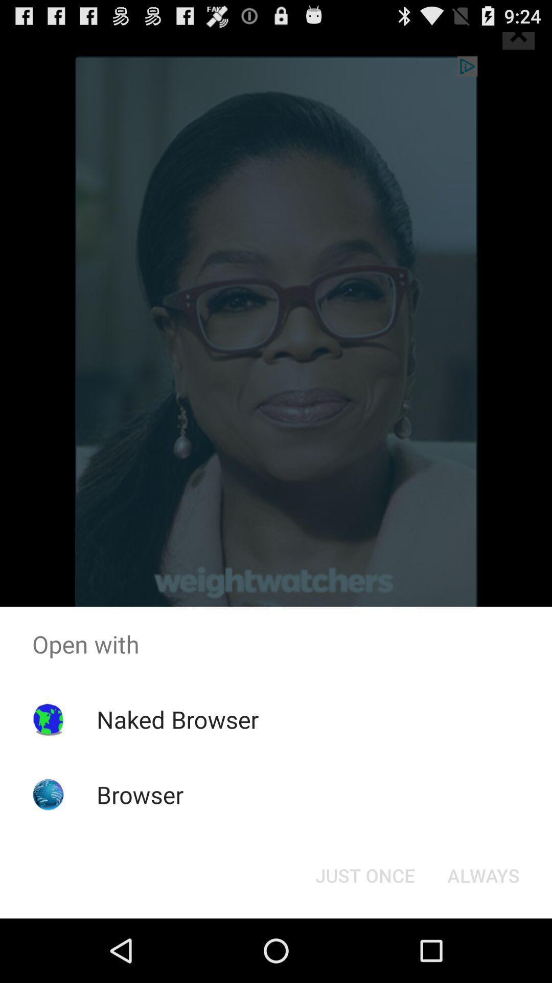 Image resolution: width=552 pixels, height=983 pixels. Describe the element at coordinates (177, 719) in the screenshot. I see `the naked browser` at that location.